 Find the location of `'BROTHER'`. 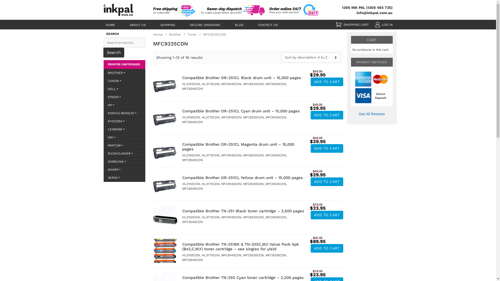

'BROTHER' is located at coordinates (104, 73).